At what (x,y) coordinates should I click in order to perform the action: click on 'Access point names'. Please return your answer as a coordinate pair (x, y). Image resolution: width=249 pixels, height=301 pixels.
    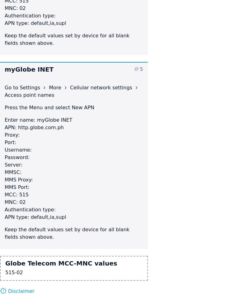
    Looking at the image, I should click on (29, 95).